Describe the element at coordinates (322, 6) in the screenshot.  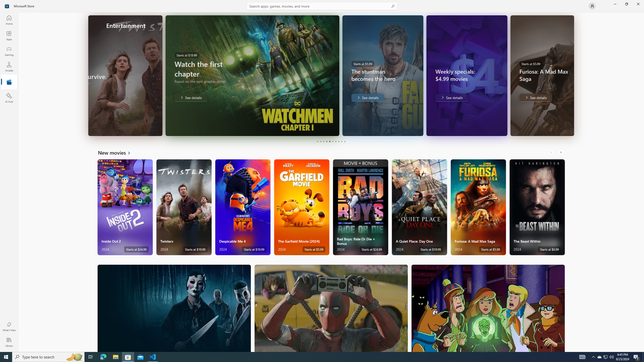
I see `'Search'` at that location.